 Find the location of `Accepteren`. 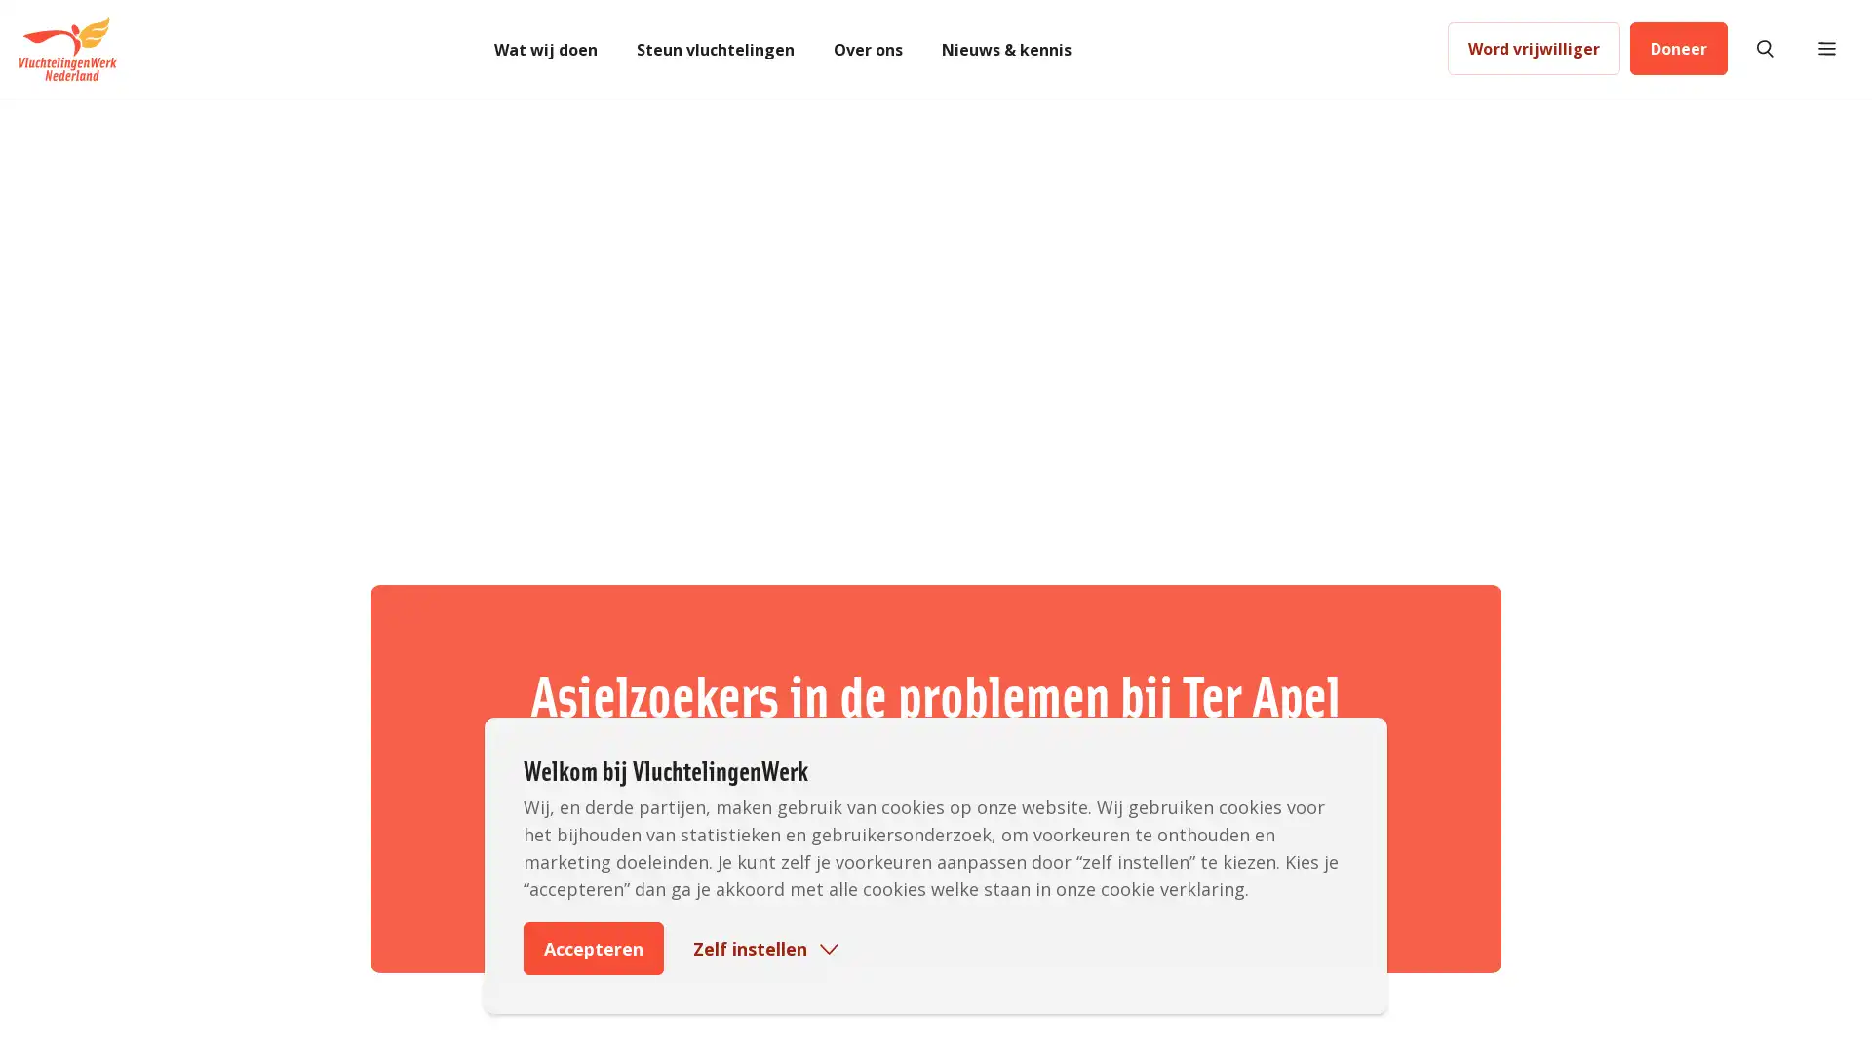

Accepteren is located at coordinates (592, 947).